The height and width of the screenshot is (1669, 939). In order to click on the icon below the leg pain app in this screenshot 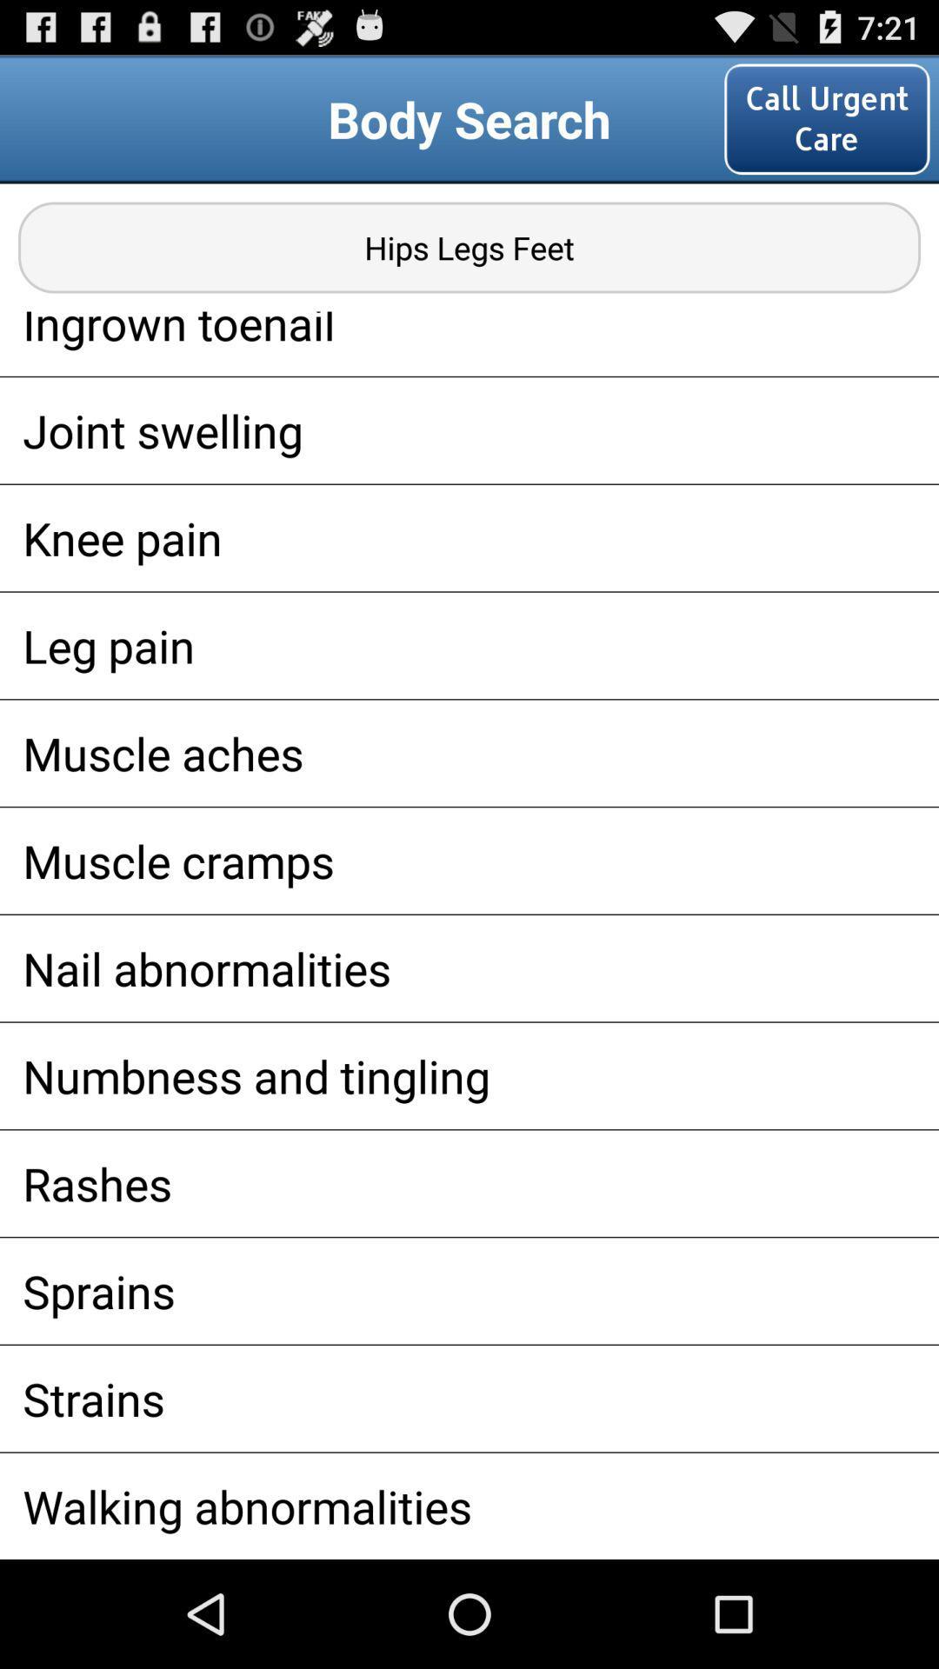, I will do `click(469, 753)`.